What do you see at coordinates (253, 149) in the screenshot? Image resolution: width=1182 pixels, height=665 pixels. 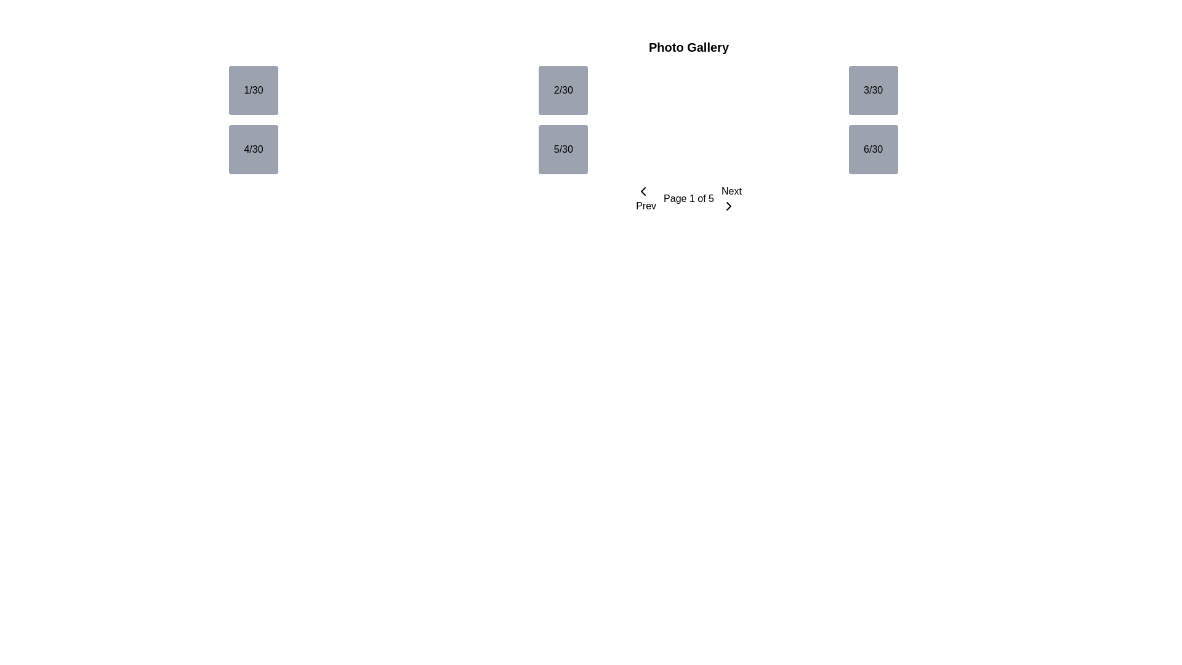 I see `the grey square-shaped Static display tile labeled '4/30', located in the first column and second row of the grid layout` at bounding box center [253, 149].